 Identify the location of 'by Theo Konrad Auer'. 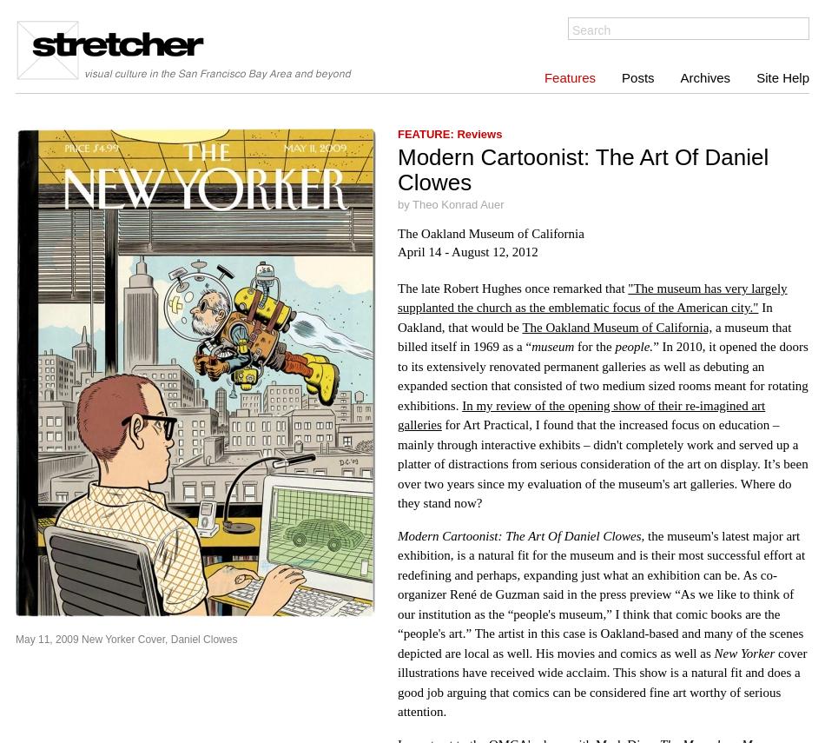
(450, 203).